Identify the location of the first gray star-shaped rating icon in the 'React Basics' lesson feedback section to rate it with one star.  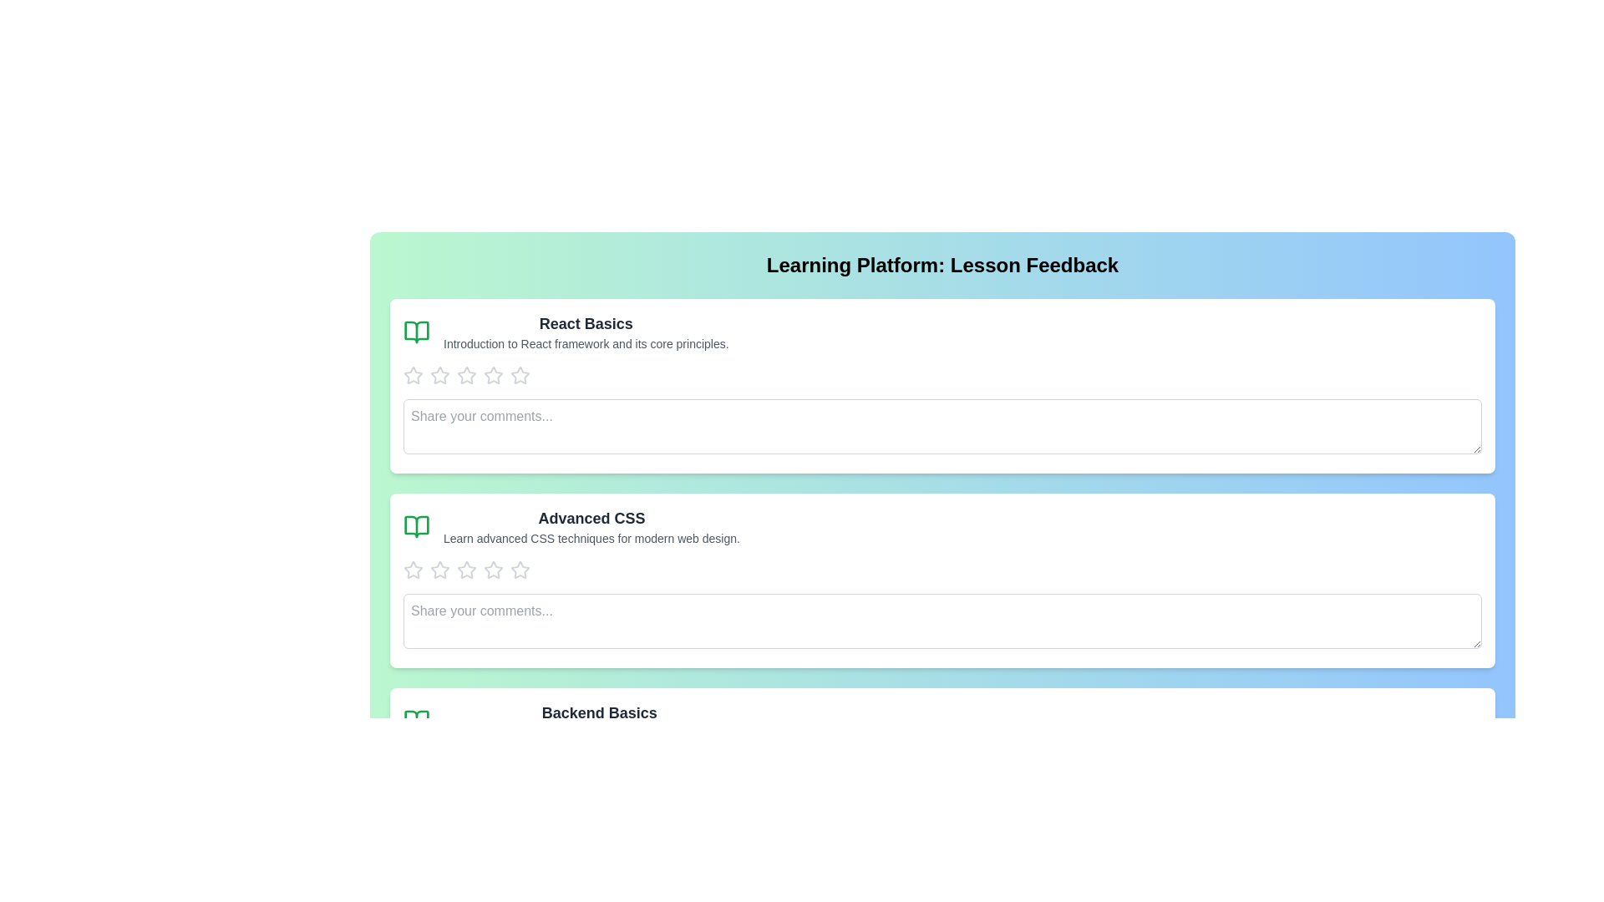
(413, 376).